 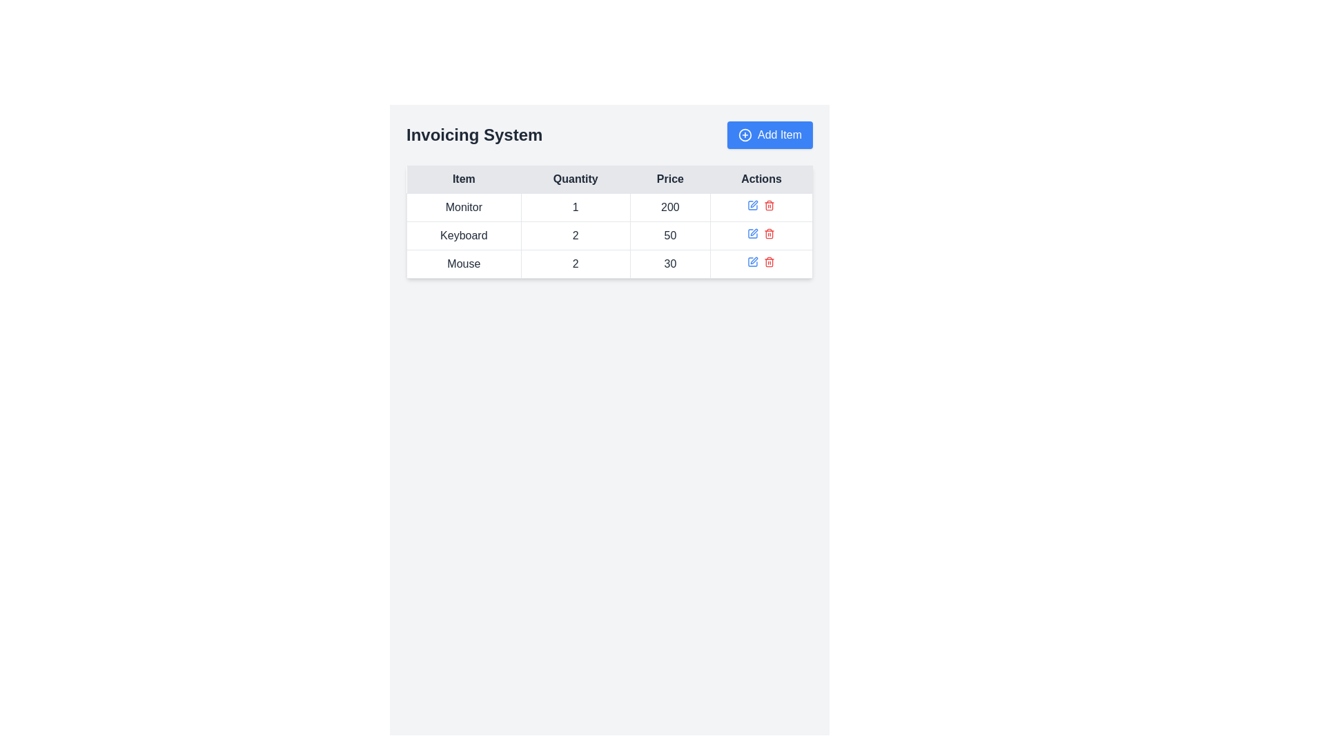 I want to click on text of the 'Keyboard' label located in the second row of the table under the 'Item' column, so click(x=464, y=235).